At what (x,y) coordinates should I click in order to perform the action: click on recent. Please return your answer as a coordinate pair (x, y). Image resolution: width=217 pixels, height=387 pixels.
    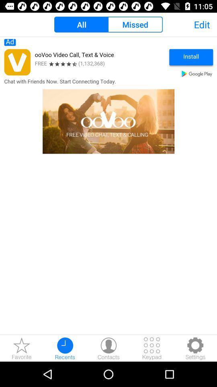
    Looking at the image, I should click on (65, 348).